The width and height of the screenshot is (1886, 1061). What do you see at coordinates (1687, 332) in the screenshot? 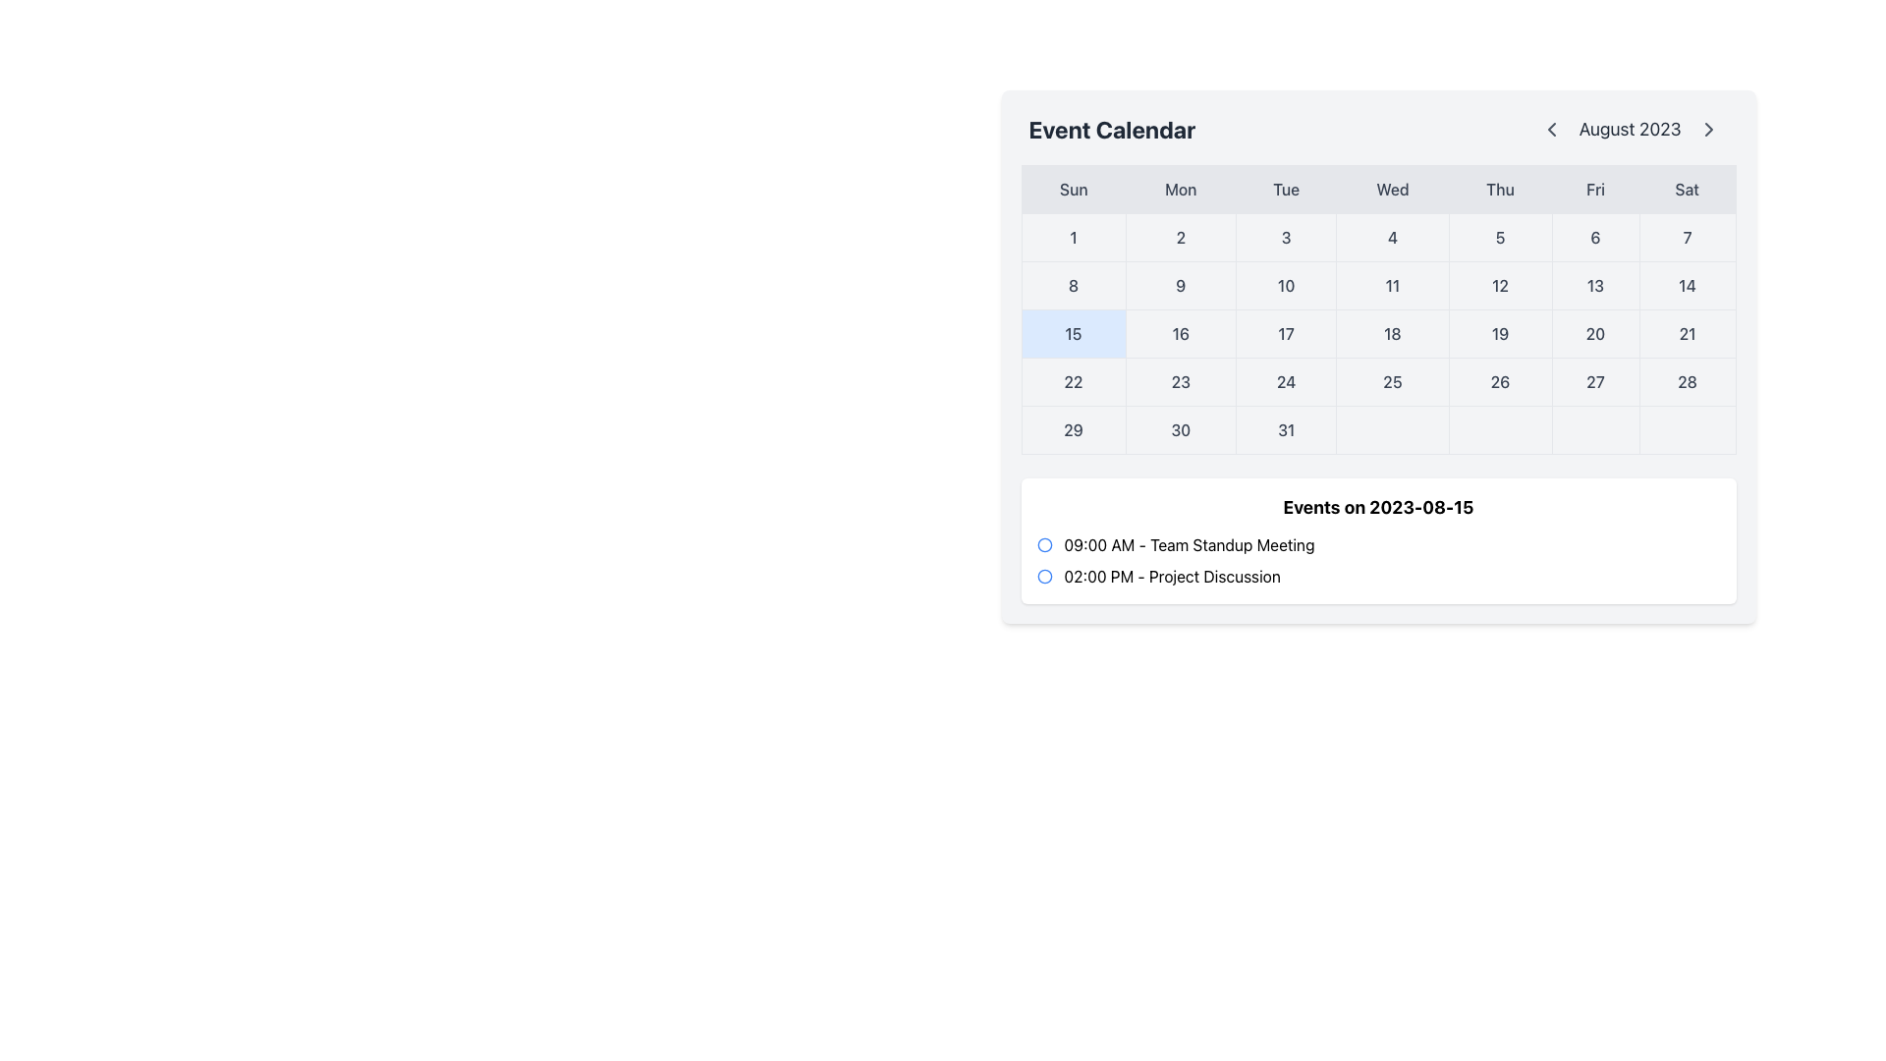
I see `the calendar date box displaying '21' located in the top-right of the calendar view under the label 'Event Calendar'` at bounding box center [1687, 332].